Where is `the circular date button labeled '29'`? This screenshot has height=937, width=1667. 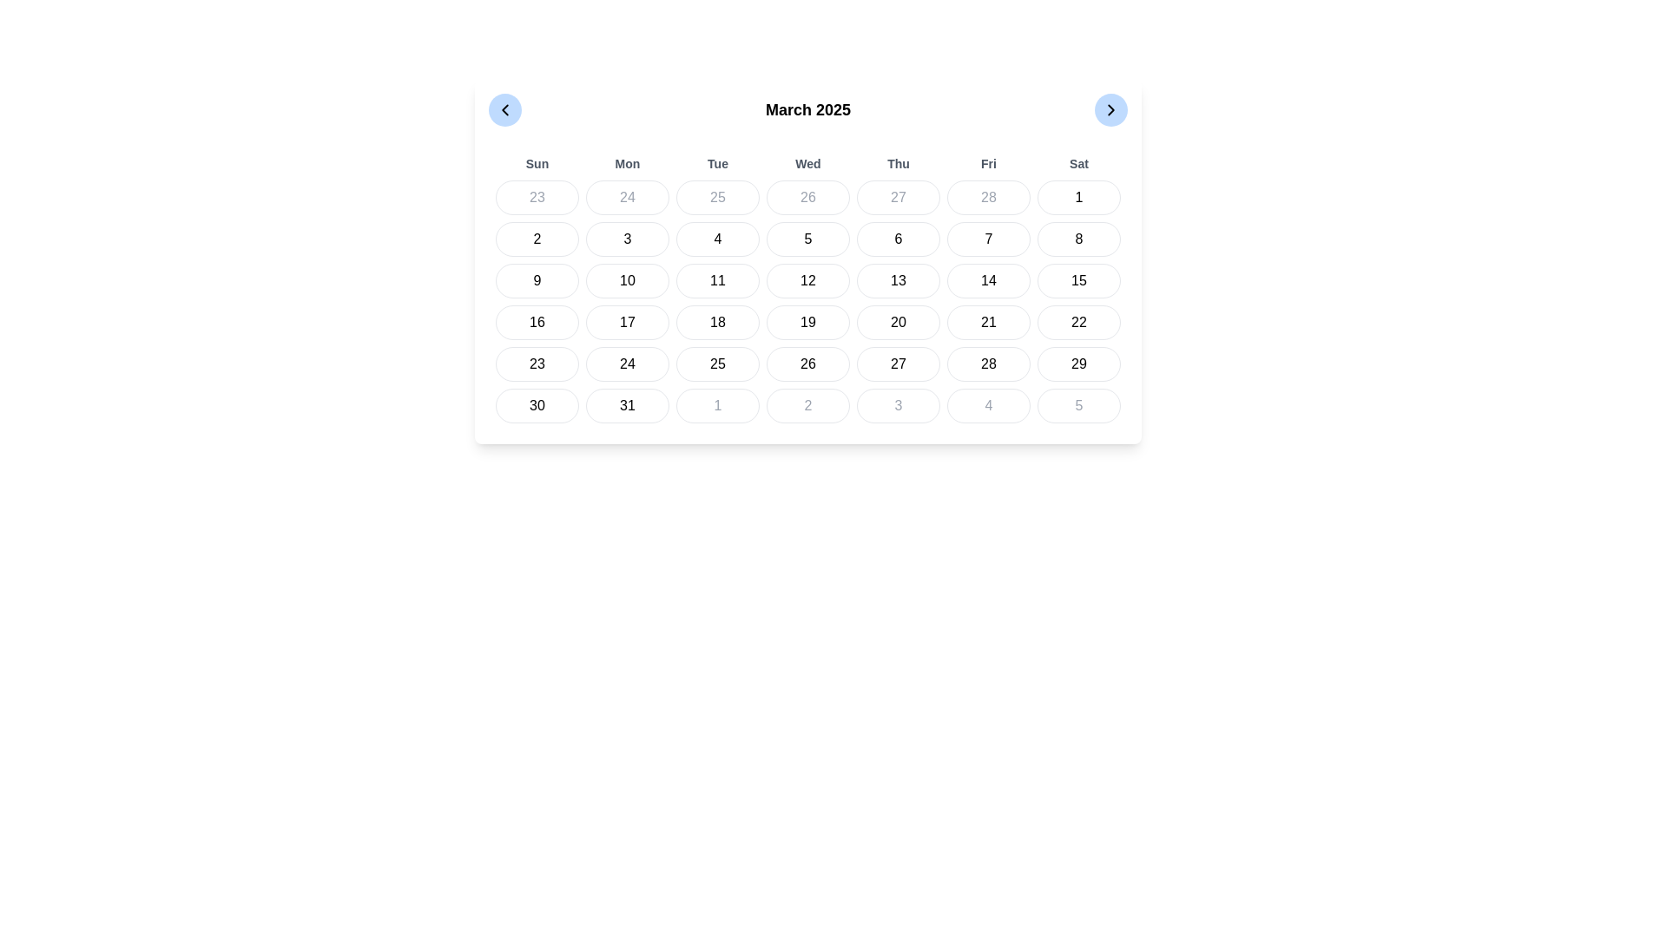
the circular date button labeled '29' is located at coordinates (1078, 364).